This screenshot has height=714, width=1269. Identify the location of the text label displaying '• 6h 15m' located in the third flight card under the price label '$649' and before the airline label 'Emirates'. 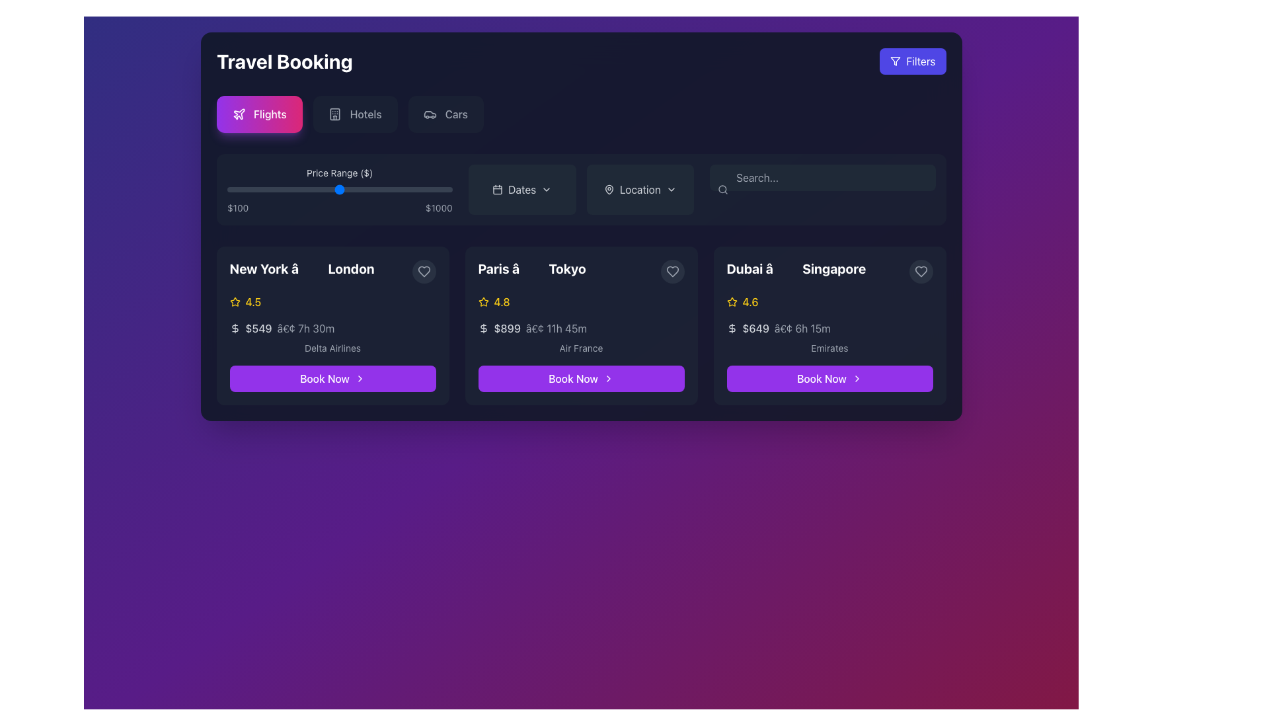
(802, 328).